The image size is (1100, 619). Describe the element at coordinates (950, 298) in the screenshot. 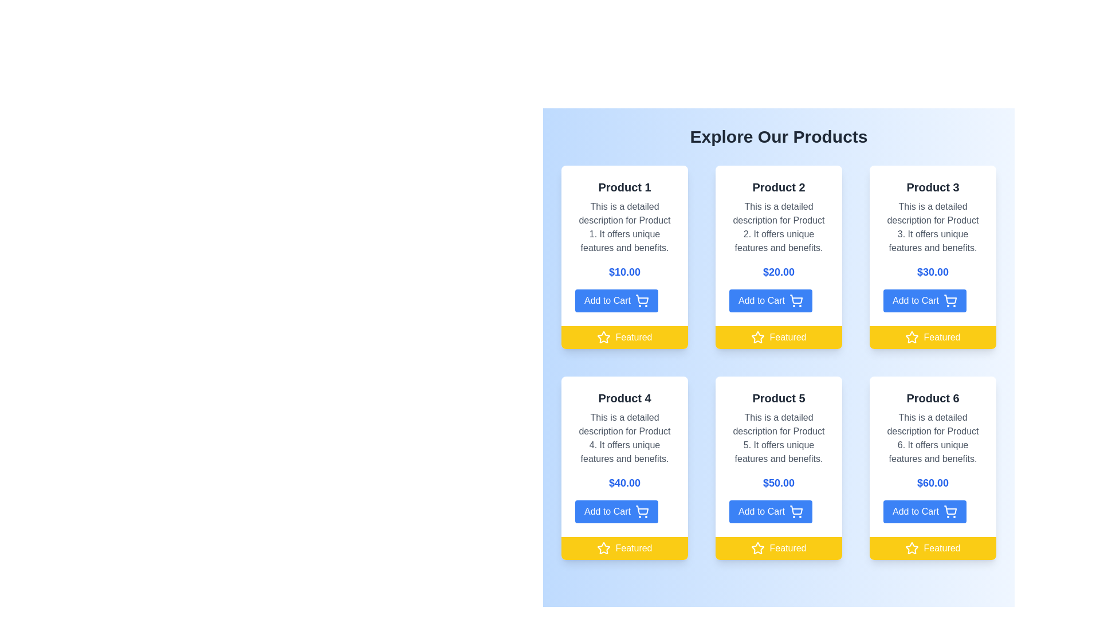

I see `the shopping cart icon located inside the 'Add to Cart' button for 'Product 3' in the top-right section of the layout` at that location.